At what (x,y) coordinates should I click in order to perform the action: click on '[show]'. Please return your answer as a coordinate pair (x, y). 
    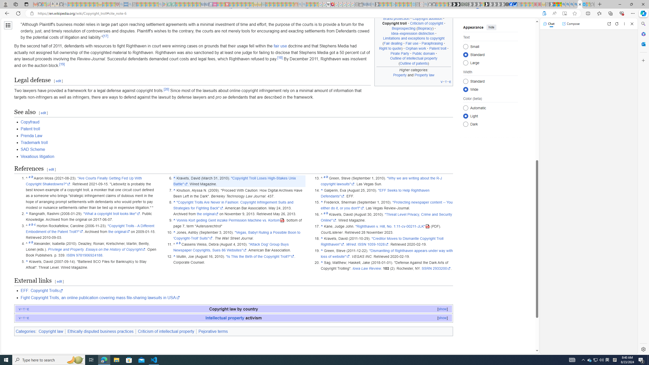
    Looking at the image, I should click on (442, 318).